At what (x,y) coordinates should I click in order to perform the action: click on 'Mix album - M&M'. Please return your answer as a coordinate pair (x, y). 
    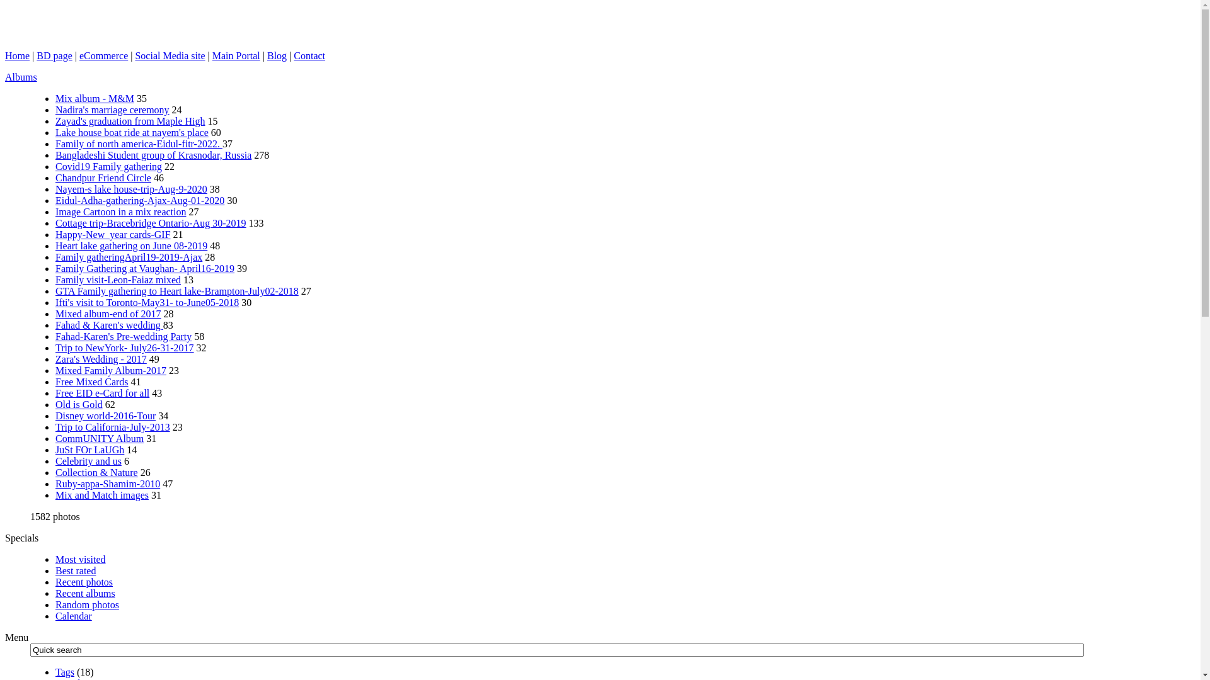
    Looking at the image, I should click on (94, 98).